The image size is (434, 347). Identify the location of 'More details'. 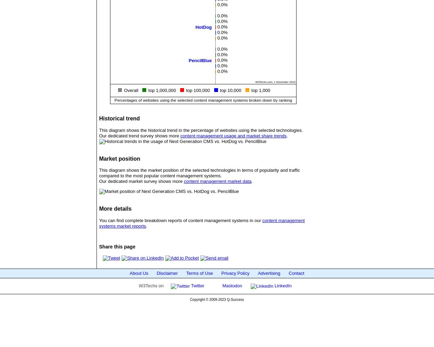
(115, 208).